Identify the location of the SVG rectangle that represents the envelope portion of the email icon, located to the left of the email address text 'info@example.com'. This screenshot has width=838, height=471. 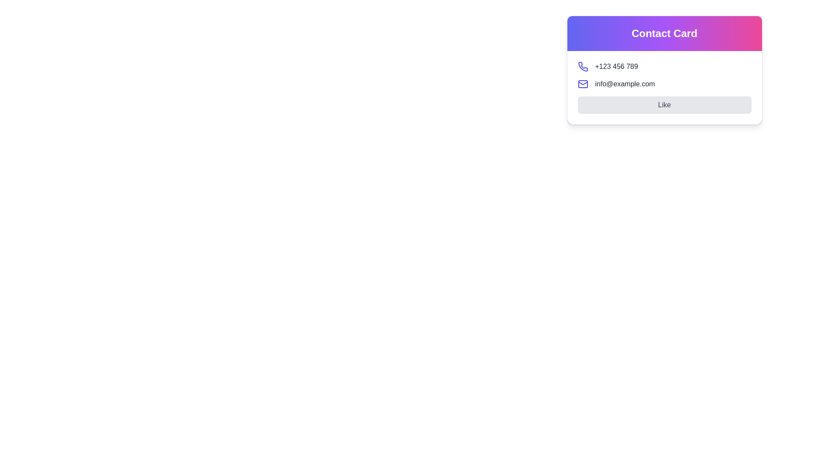
(583, 84).